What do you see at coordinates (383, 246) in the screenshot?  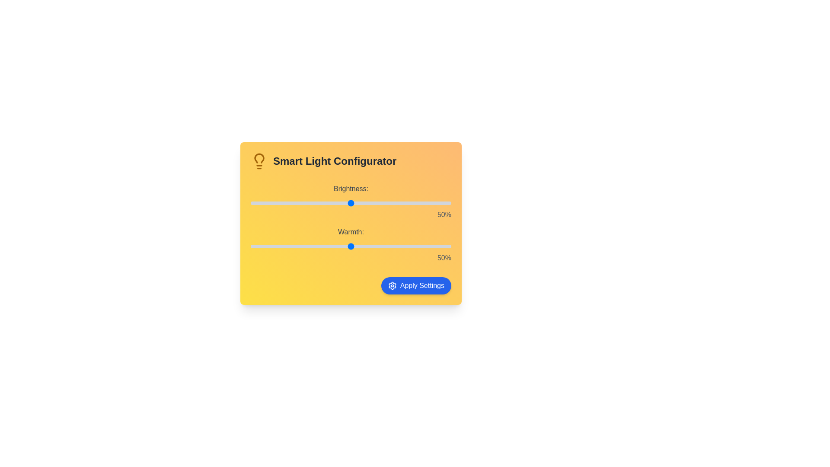 I see `the warmth level` at bounding box center [383, 246].